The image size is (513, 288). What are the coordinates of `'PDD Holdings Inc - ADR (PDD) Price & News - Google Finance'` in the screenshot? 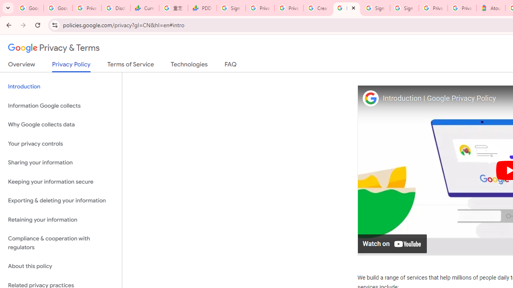 It's located at (202, 8).